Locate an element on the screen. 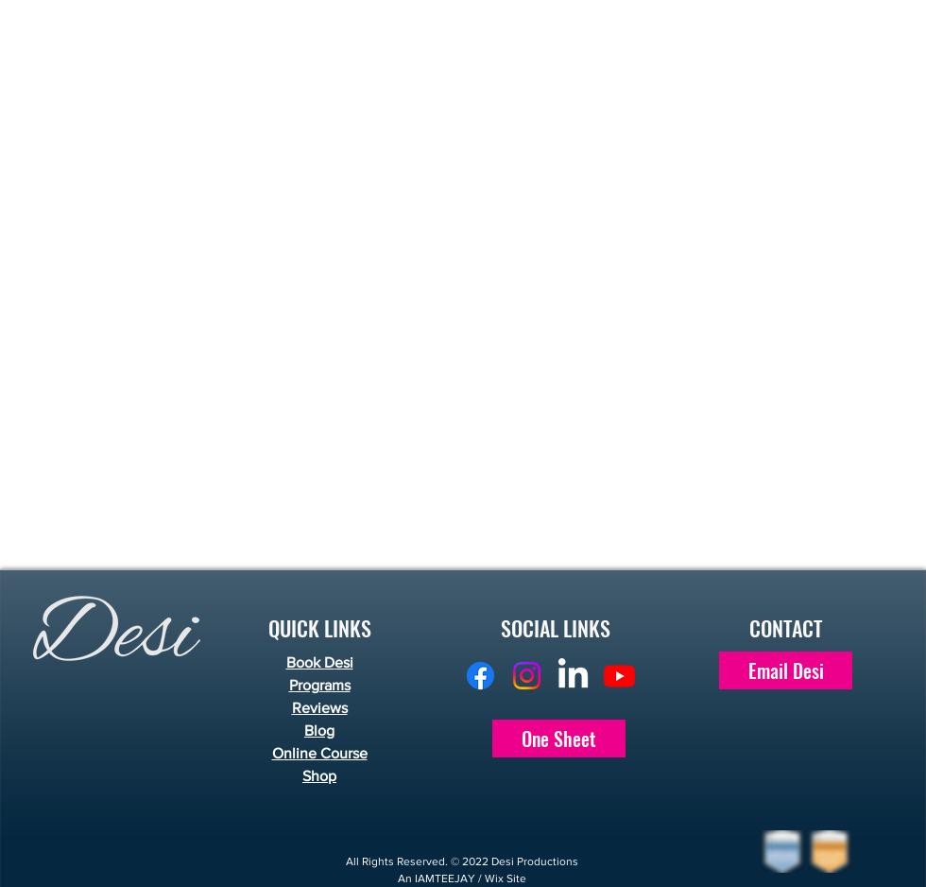  'All Rights Reserved. © 2022 Desi Productions' is located at coordinates (346, 860).